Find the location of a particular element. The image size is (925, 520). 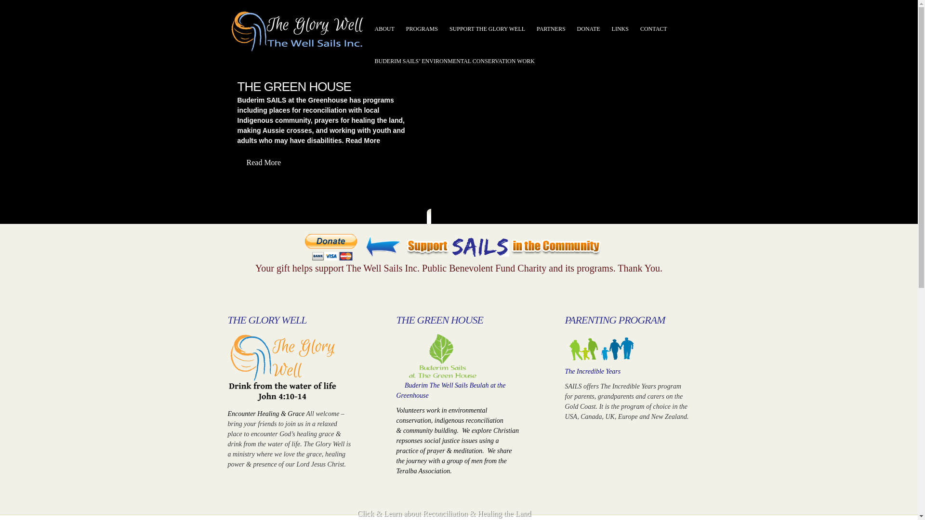

'The Incredible Years' is located at coordinates (592, 371).